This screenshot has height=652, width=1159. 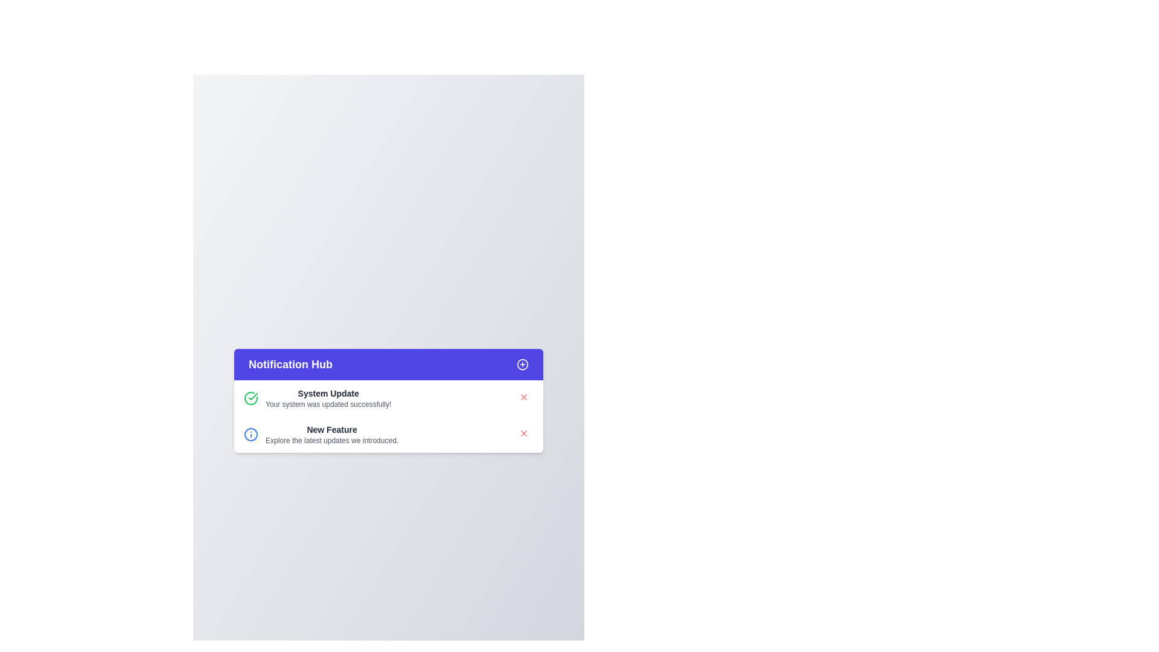 I want to click on checkmark icon inside the circular badge located at the top-left corner of the first notification item in the 'Notification Hub' section, so click(x=252, y=396).